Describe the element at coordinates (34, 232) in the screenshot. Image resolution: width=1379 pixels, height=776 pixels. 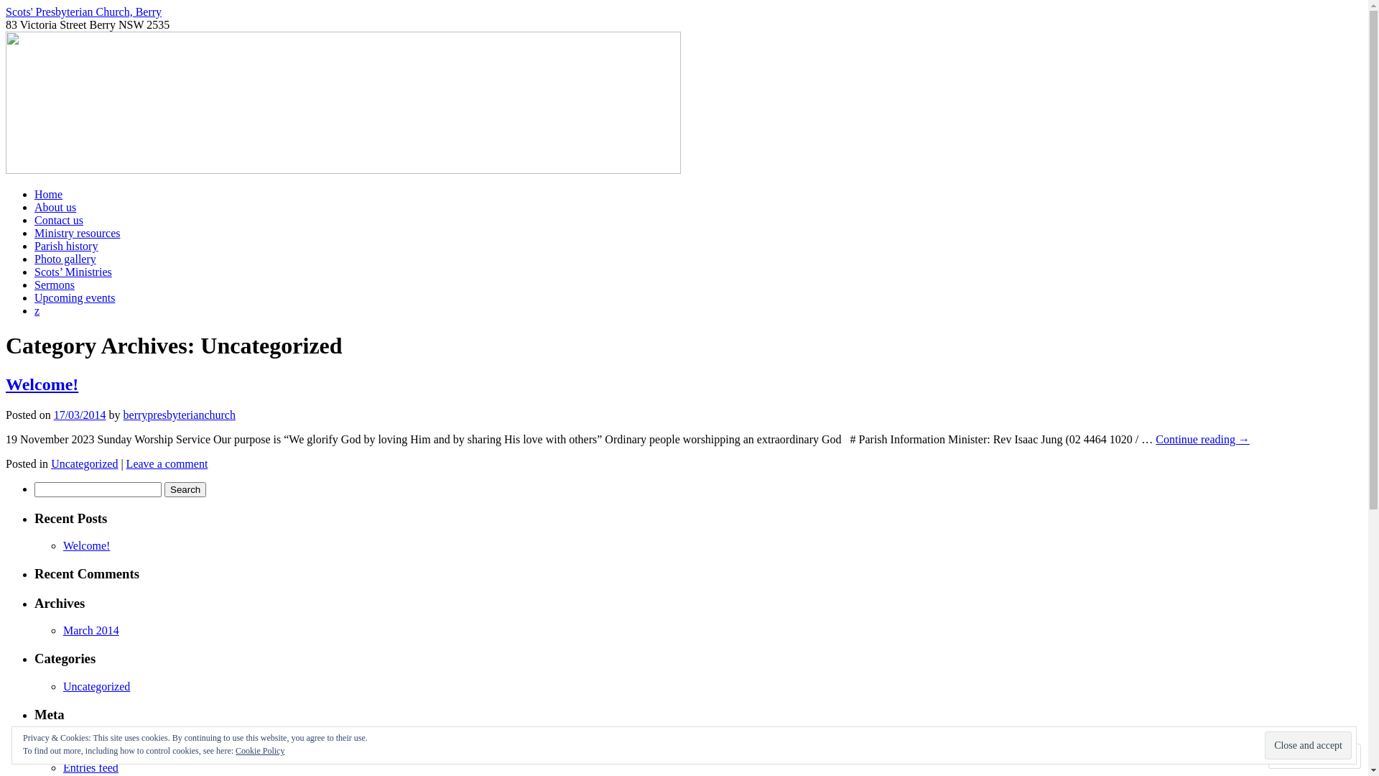
I see `'Ministry resources'` at that location.